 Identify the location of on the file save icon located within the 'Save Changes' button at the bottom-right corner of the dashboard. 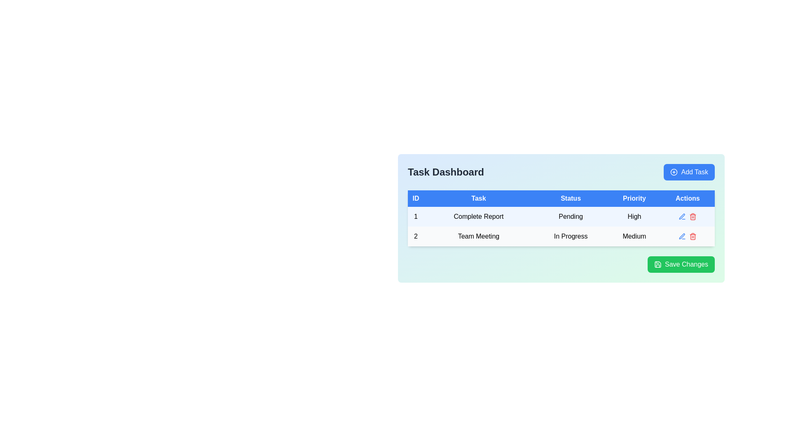
(658, 264).